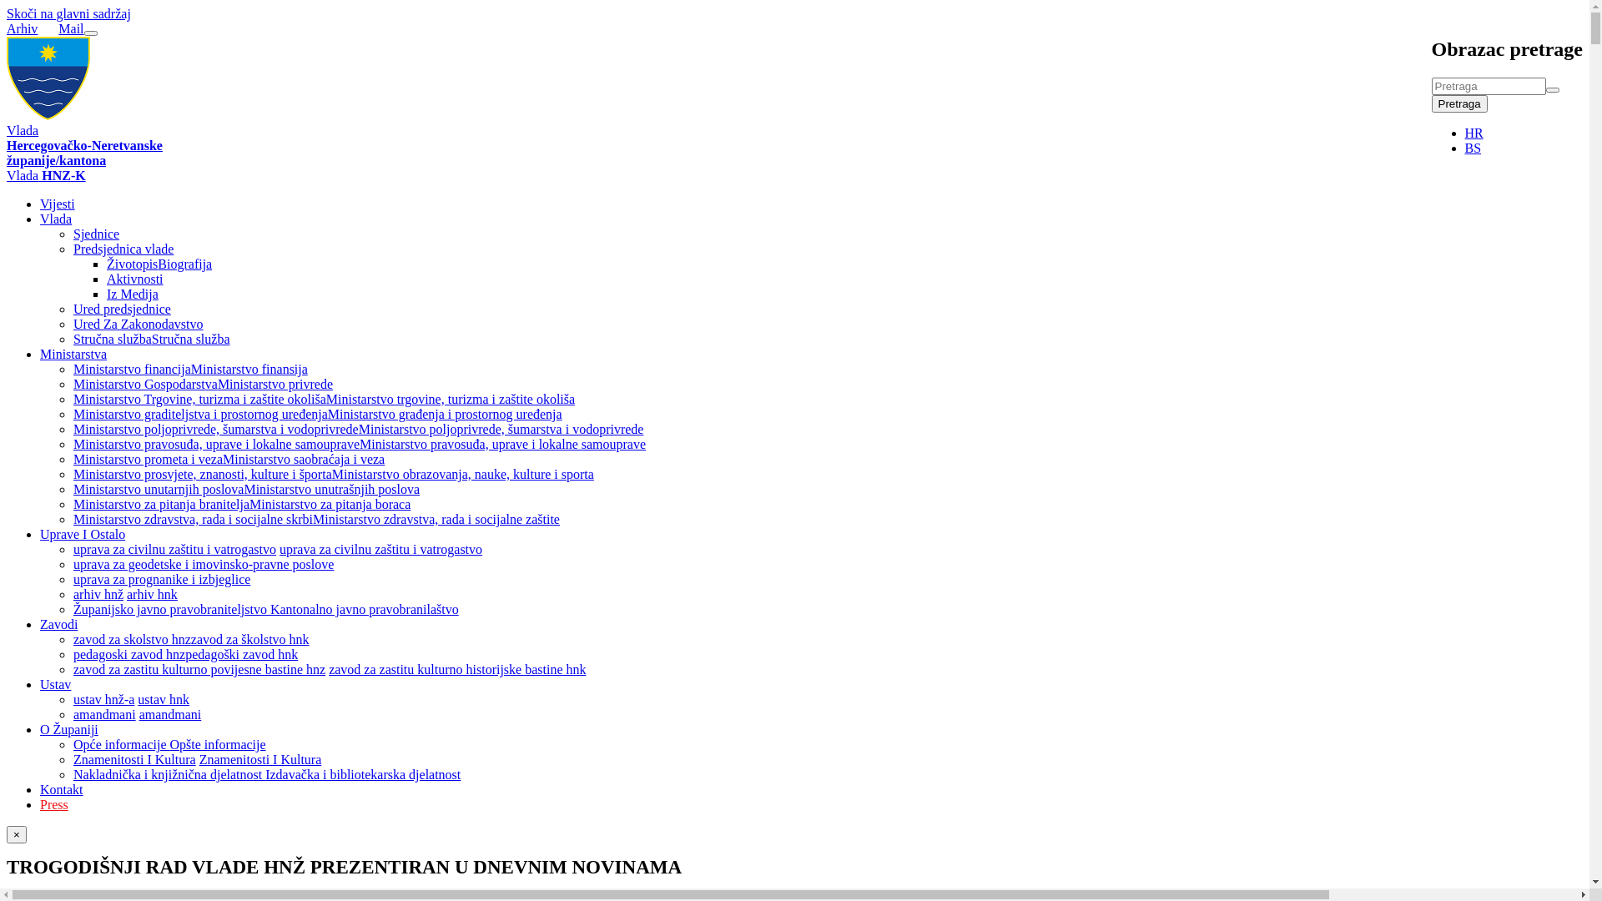 Image resolution: width=1602 pixels, height=901 pixels. Describe the element at coordinates (103, 713) in the screenshot. I see `'amandmani'` at that location.